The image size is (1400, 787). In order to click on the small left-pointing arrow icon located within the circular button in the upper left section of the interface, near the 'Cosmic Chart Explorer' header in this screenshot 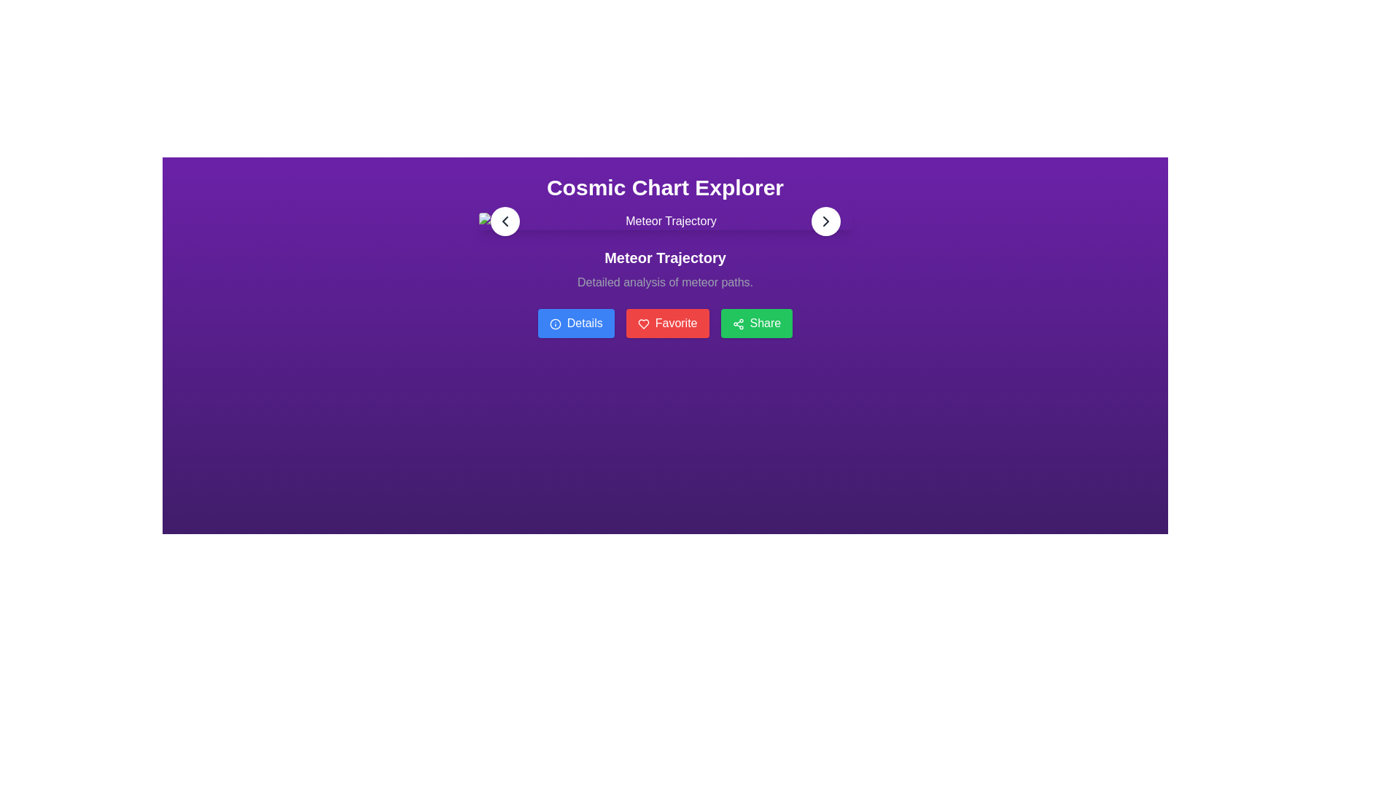, I will do `click(505, 222)`.